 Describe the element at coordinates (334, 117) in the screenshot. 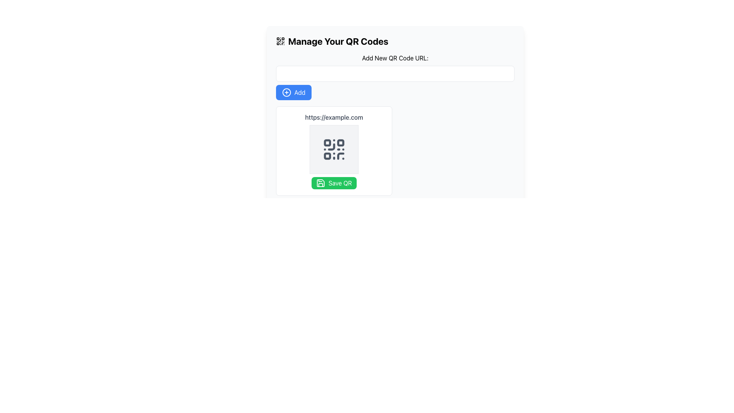

I see `the text label displaying the URL 'https://example.com'` at that location.